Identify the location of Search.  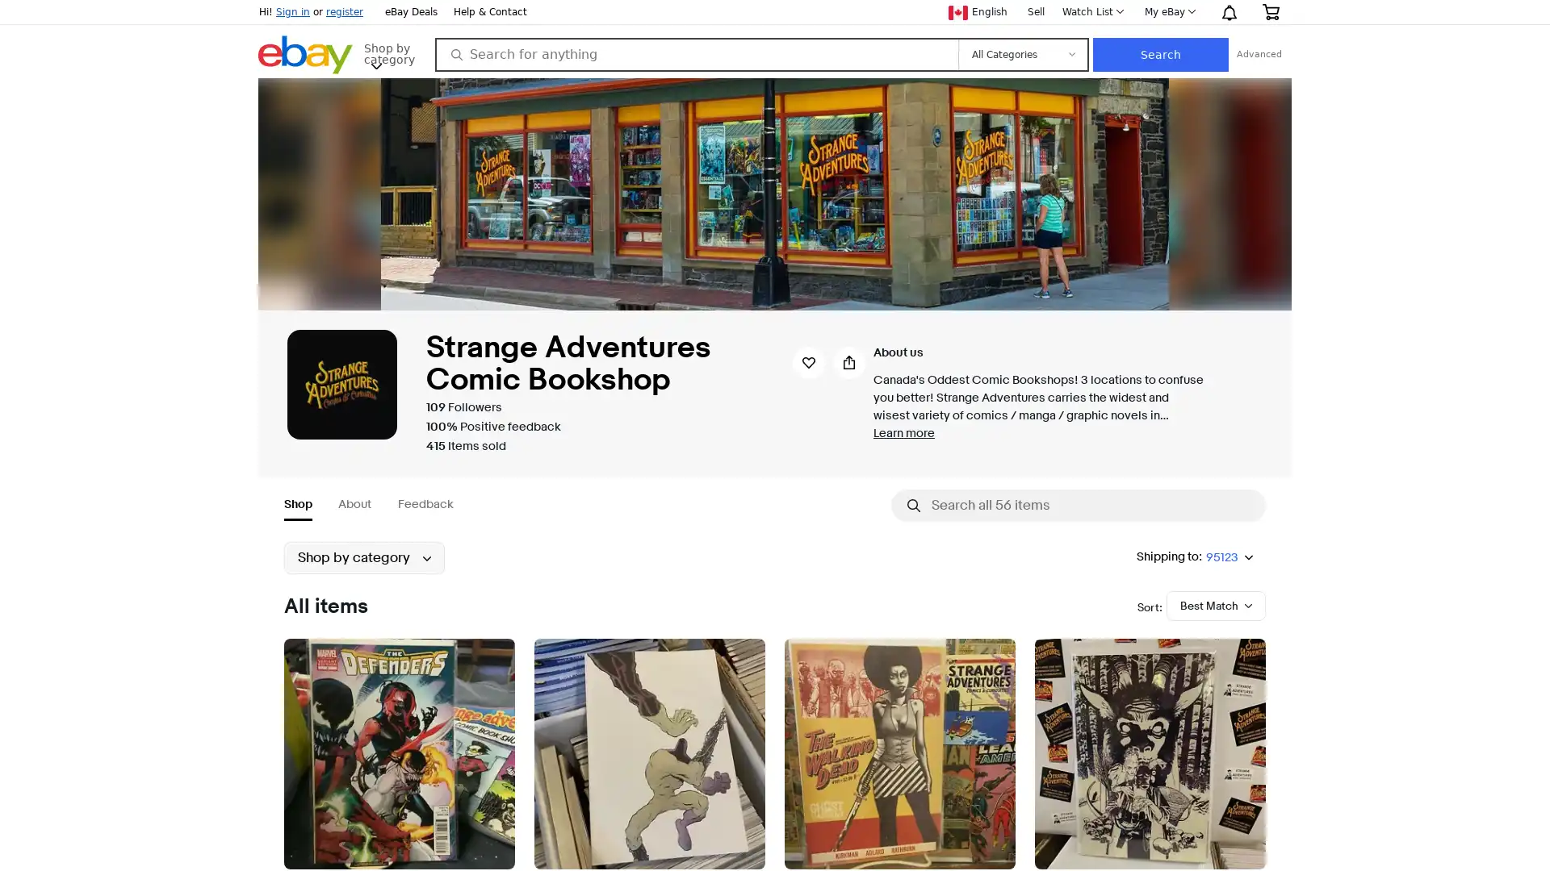
(1160, 54).